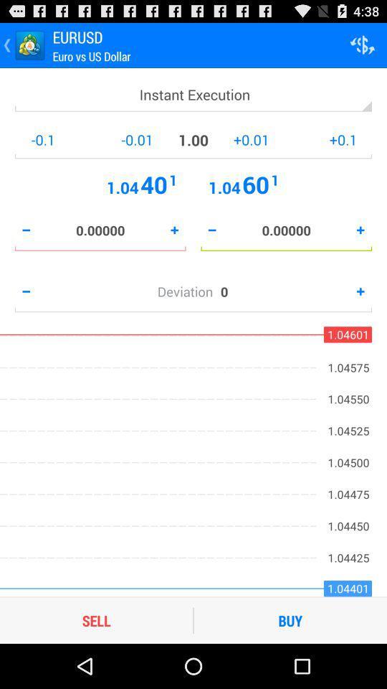 The image size is (387, 689). Describe the element at coordinates (96, 619) in the screenshot. I see `the sell item` at that location.